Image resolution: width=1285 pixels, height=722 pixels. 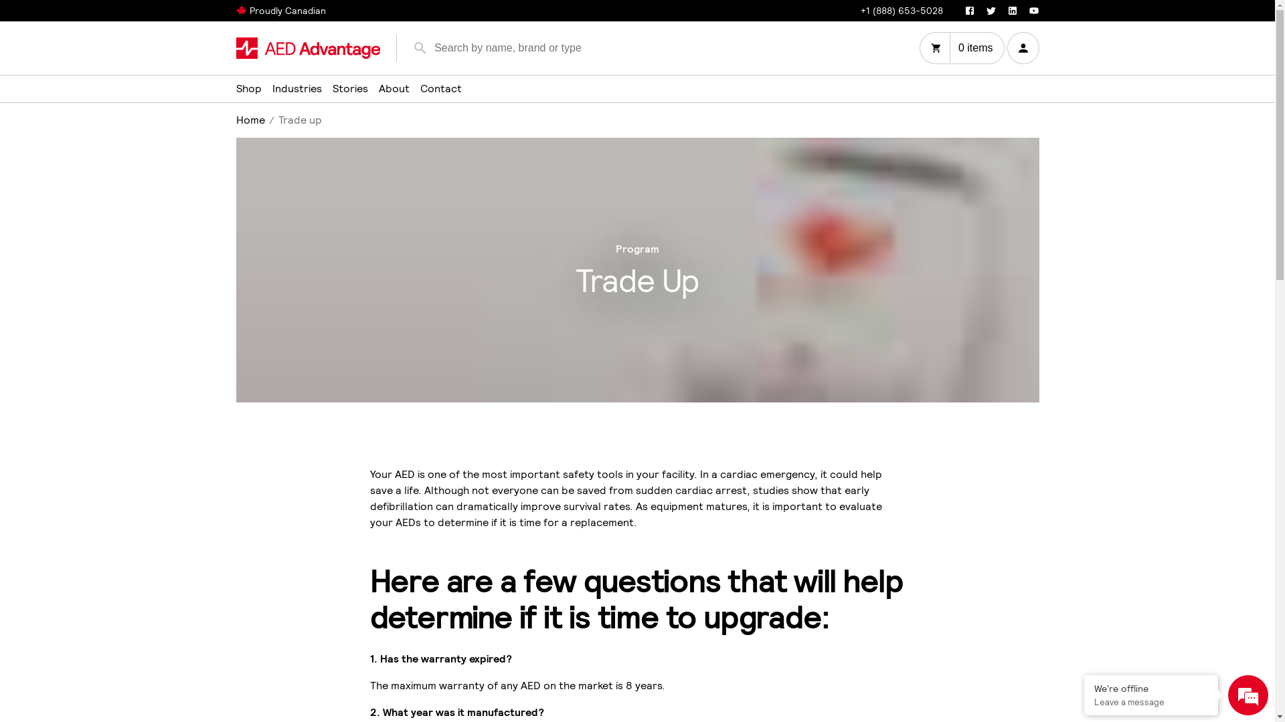 What do you see at coordinates (1012, 10) in the screenshot?
I see `'LinkedIn'` at bounding box center [1012, 10].